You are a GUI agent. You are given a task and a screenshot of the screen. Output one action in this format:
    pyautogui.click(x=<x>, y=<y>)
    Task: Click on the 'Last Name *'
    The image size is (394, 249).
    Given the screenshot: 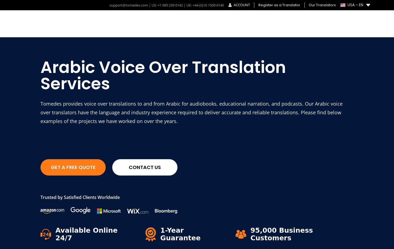 What is the action you would take?
    pyautogui.click(x=254, y=151)
    